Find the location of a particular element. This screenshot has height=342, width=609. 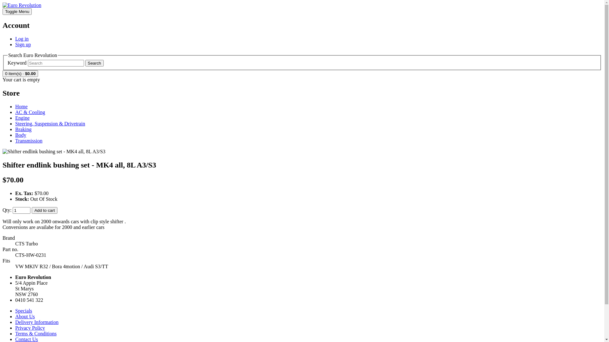

'Terms & Conditions' is located at coordinates (36, 333).